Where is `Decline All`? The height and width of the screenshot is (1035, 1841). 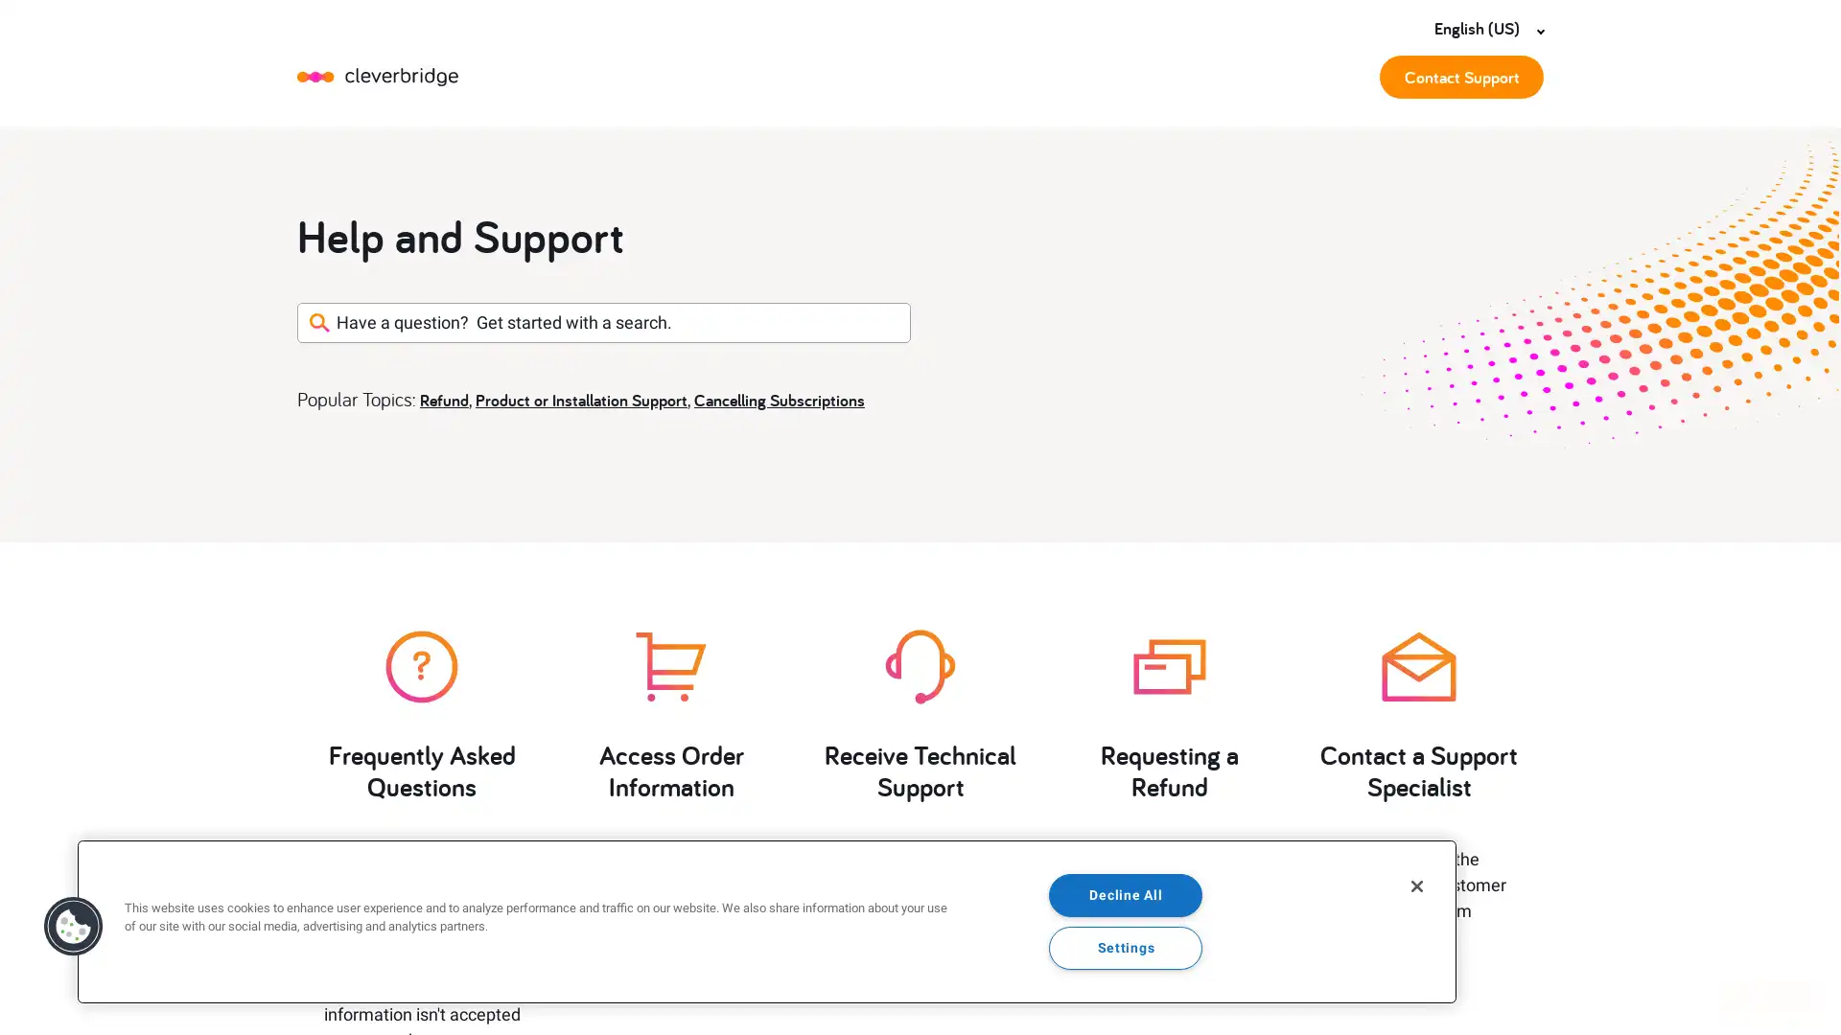 Decline All is located at coordinates (1126, 895).